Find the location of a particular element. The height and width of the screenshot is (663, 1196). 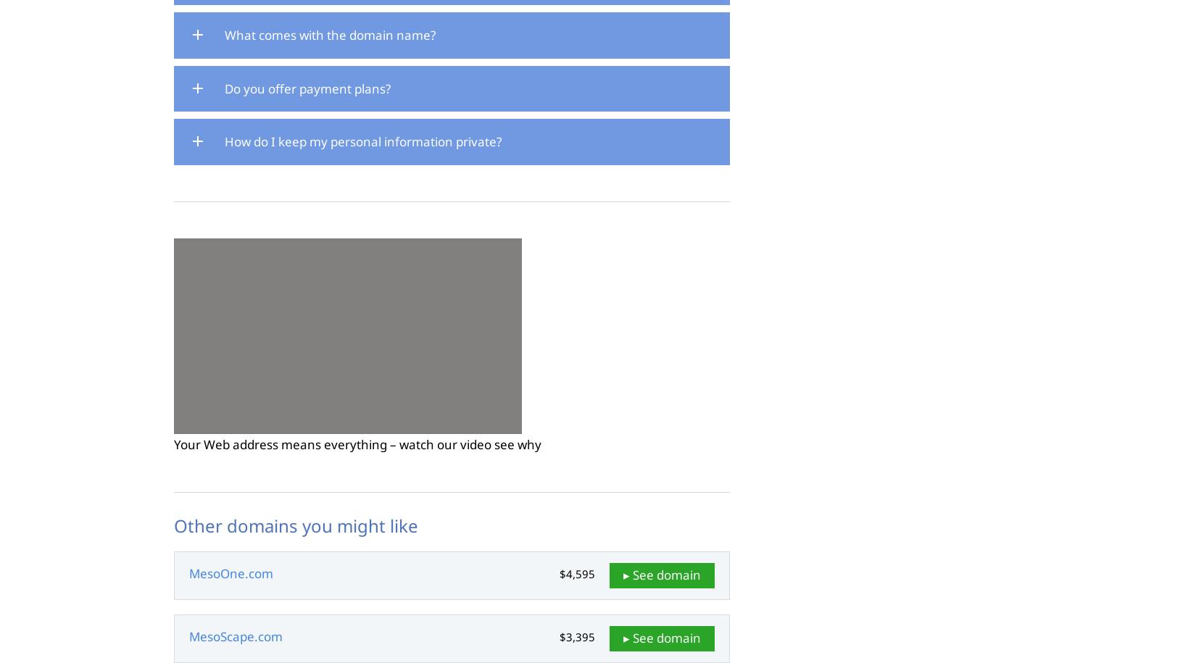

'MesoOne.com' is located at coordinates (231, 572).